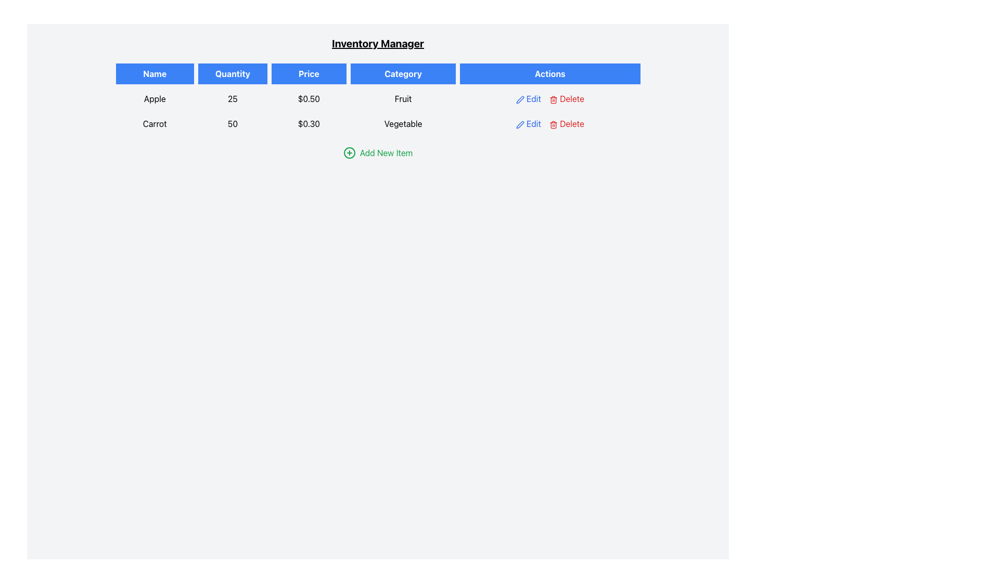 Image resolution: width=999 pixels, height=562 pixels. I want to click on the 'Delete' button, which is styled with red text and a trash can icon, located in the 'Actions' column of the first row in the table, so click(566, 98).